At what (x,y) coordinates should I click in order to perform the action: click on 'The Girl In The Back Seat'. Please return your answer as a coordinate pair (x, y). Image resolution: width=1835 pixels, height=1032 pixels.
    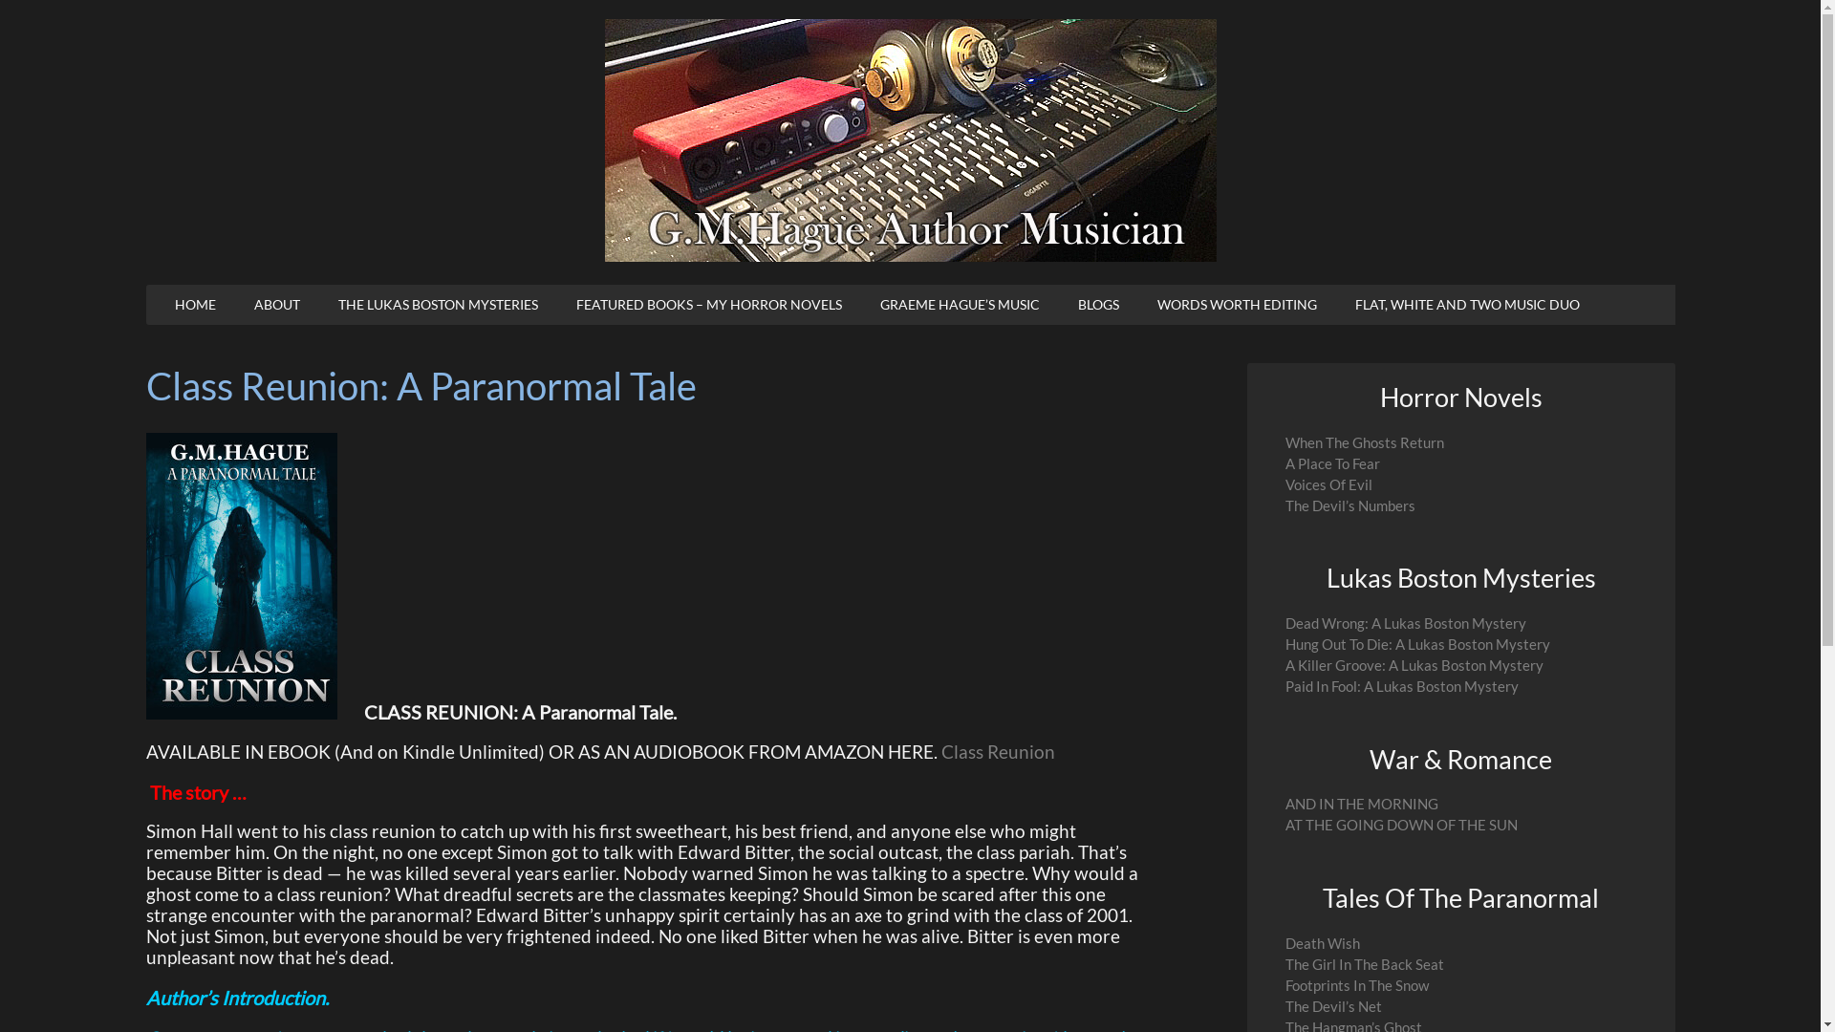
    Looking at the image, I should click on (1362, 964).